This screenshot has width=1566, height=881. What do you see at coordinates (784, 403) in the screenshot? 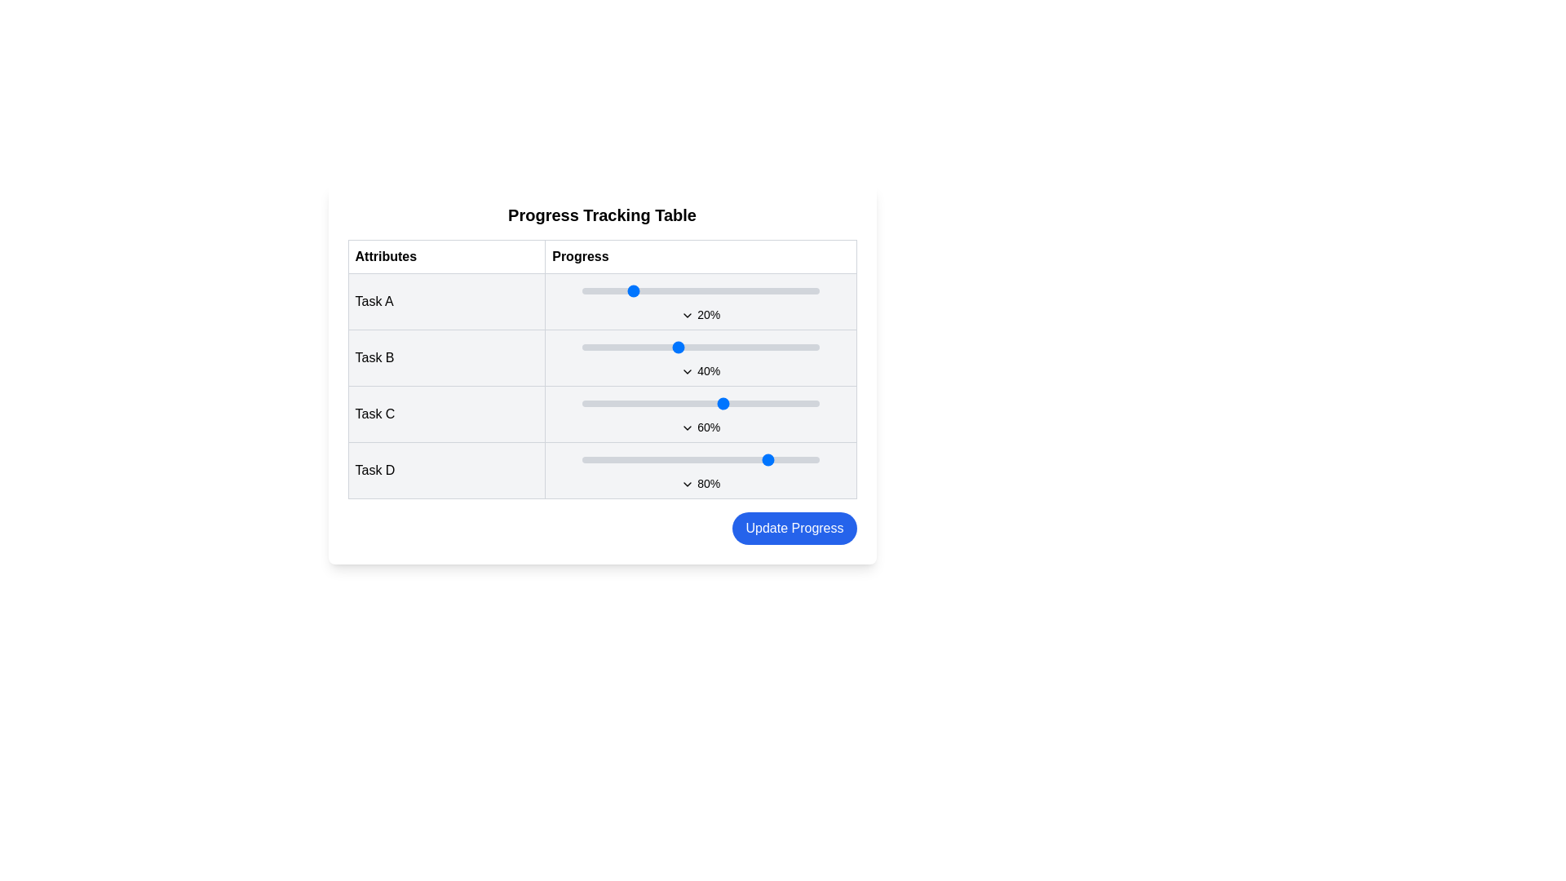
I see `the progress of Task C` at bounding box center [784, 403].